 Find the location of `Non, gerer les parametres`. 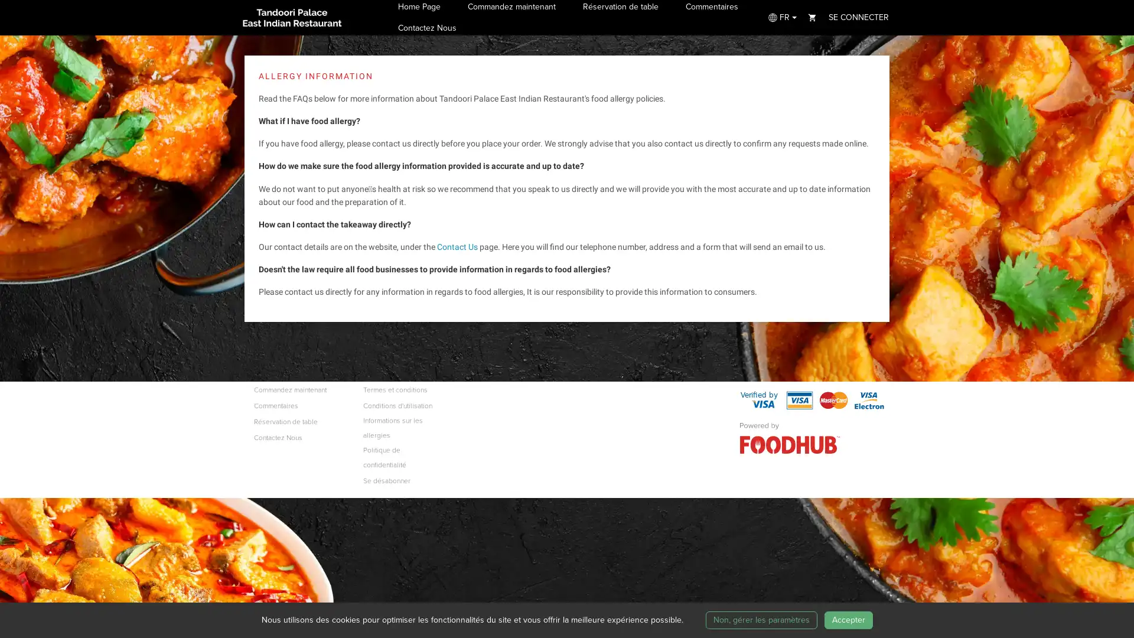

Non, gerer les parametres is located at coordinates (761, 619).